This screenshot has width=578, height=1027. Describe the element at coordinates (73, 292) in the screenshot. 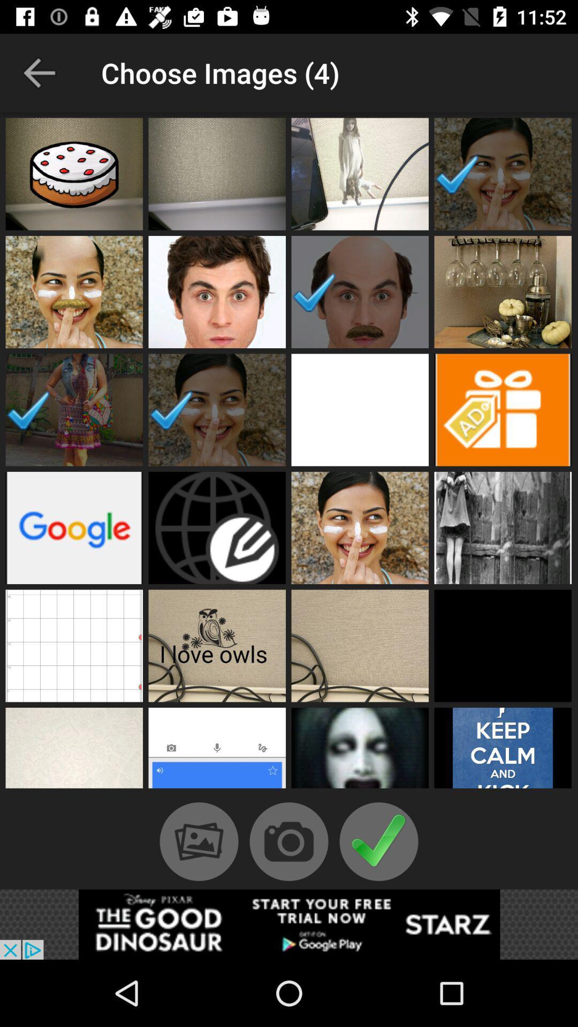

I see `click on face with white cheek lines` at that location.